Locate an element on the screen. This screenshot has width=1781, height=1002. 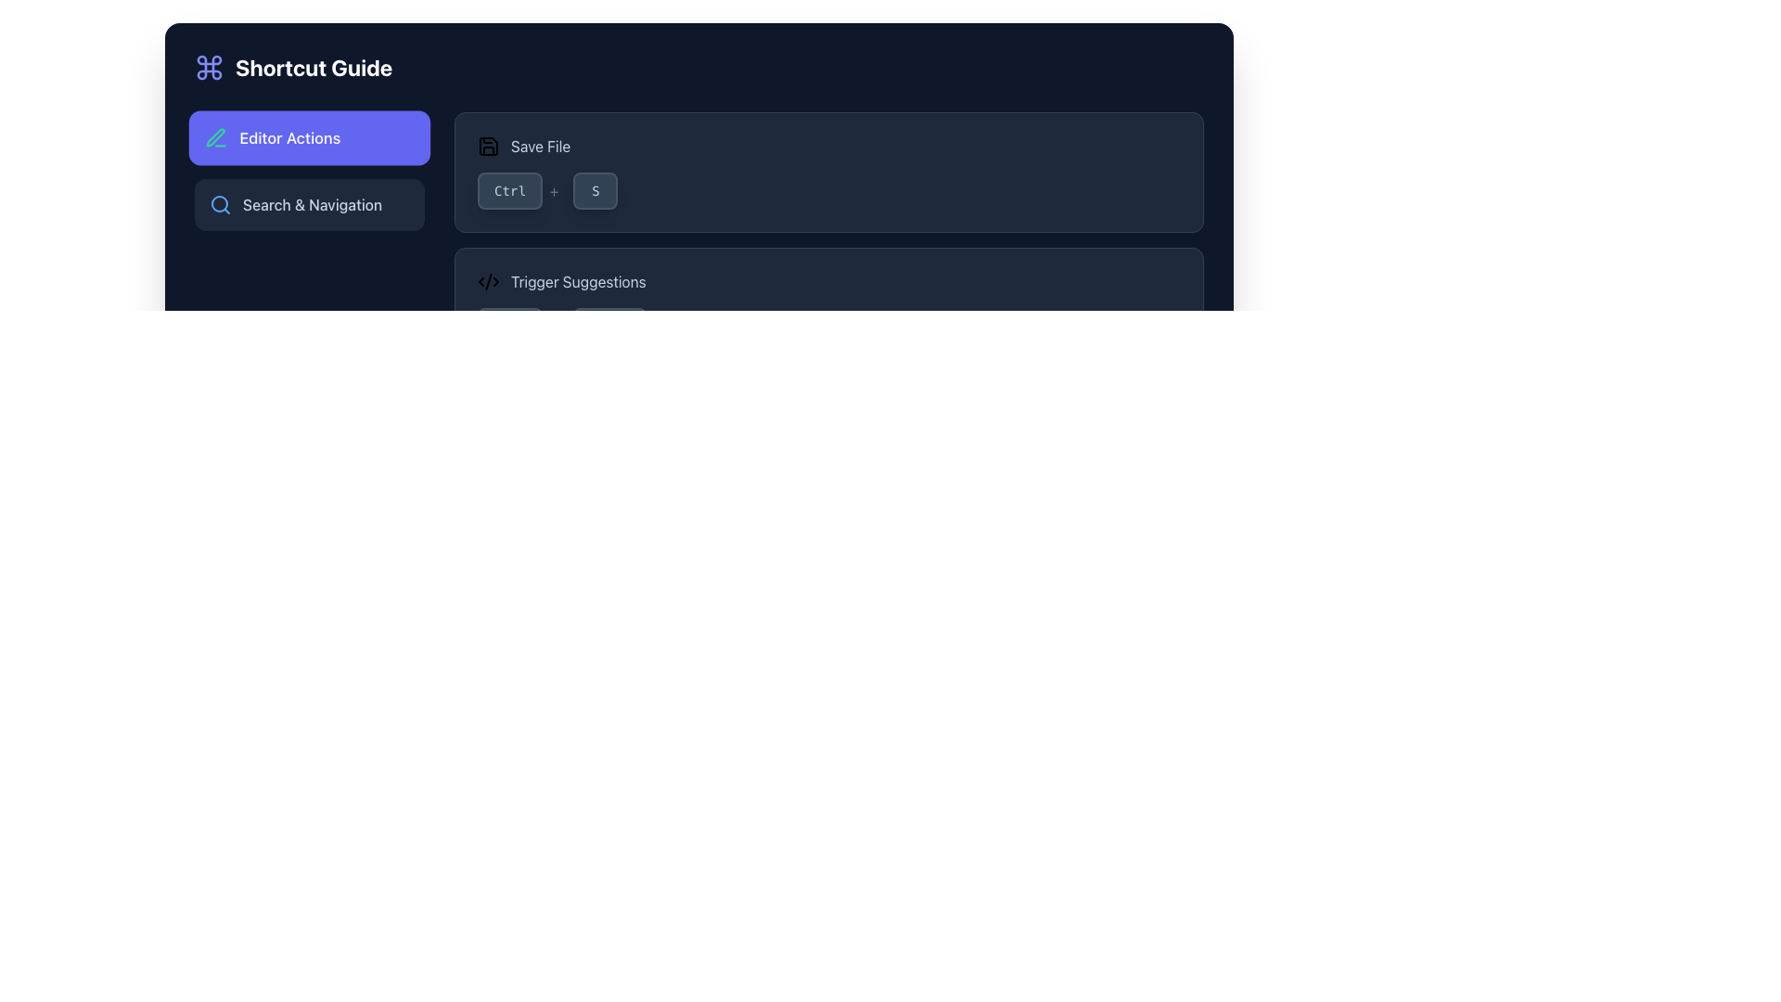
the edit icon located at the leftmost area of the 'Editor Actions' button in the side panel to associate the icon with its adjacent label is located at coordinates (215, 136).